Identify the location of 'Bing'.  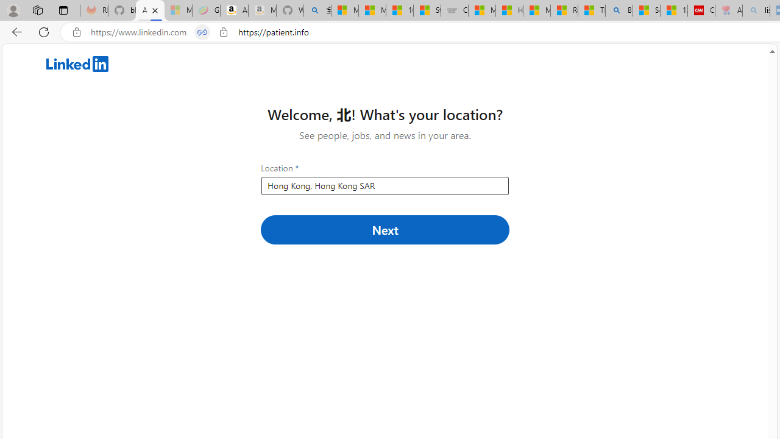
(619, 10).